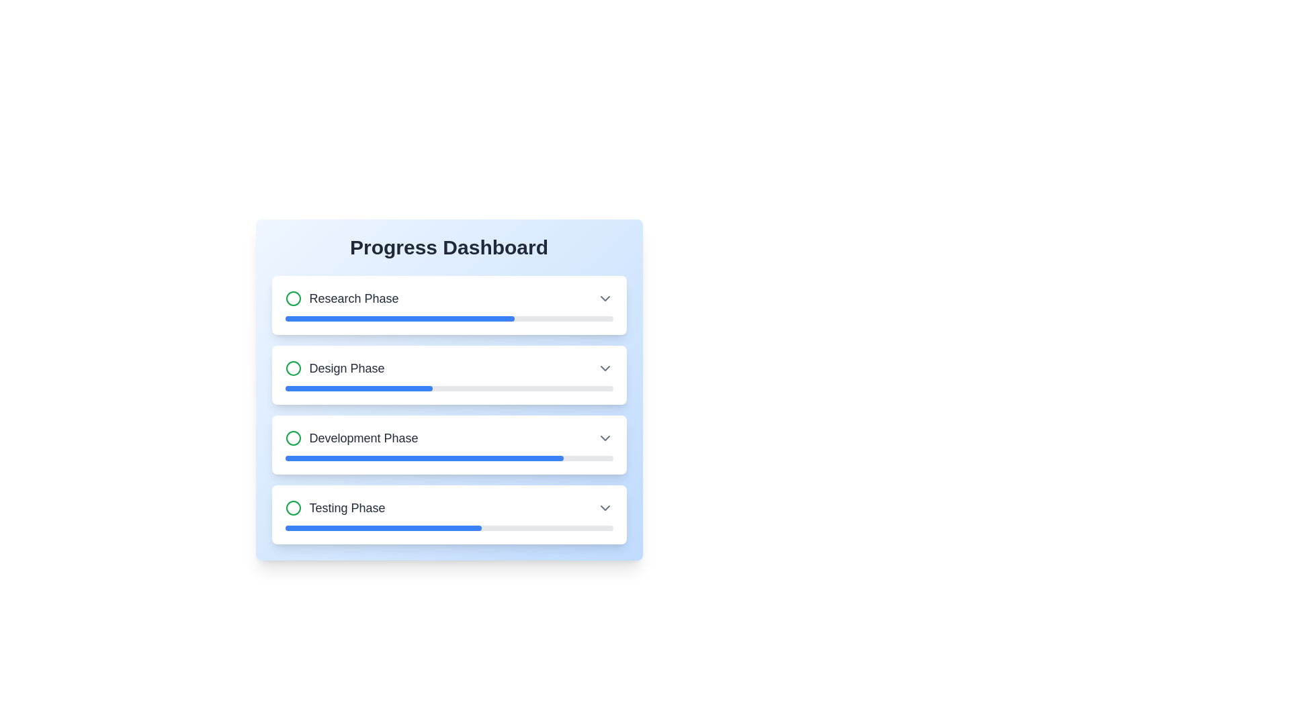 The width and height of the screenshot is (1290, 725). Describe the element at coordinates (335, 507) in the screenshot. I see `the 'Testing Phase' label with the associated green circular icon for accessibility tools` at that location.